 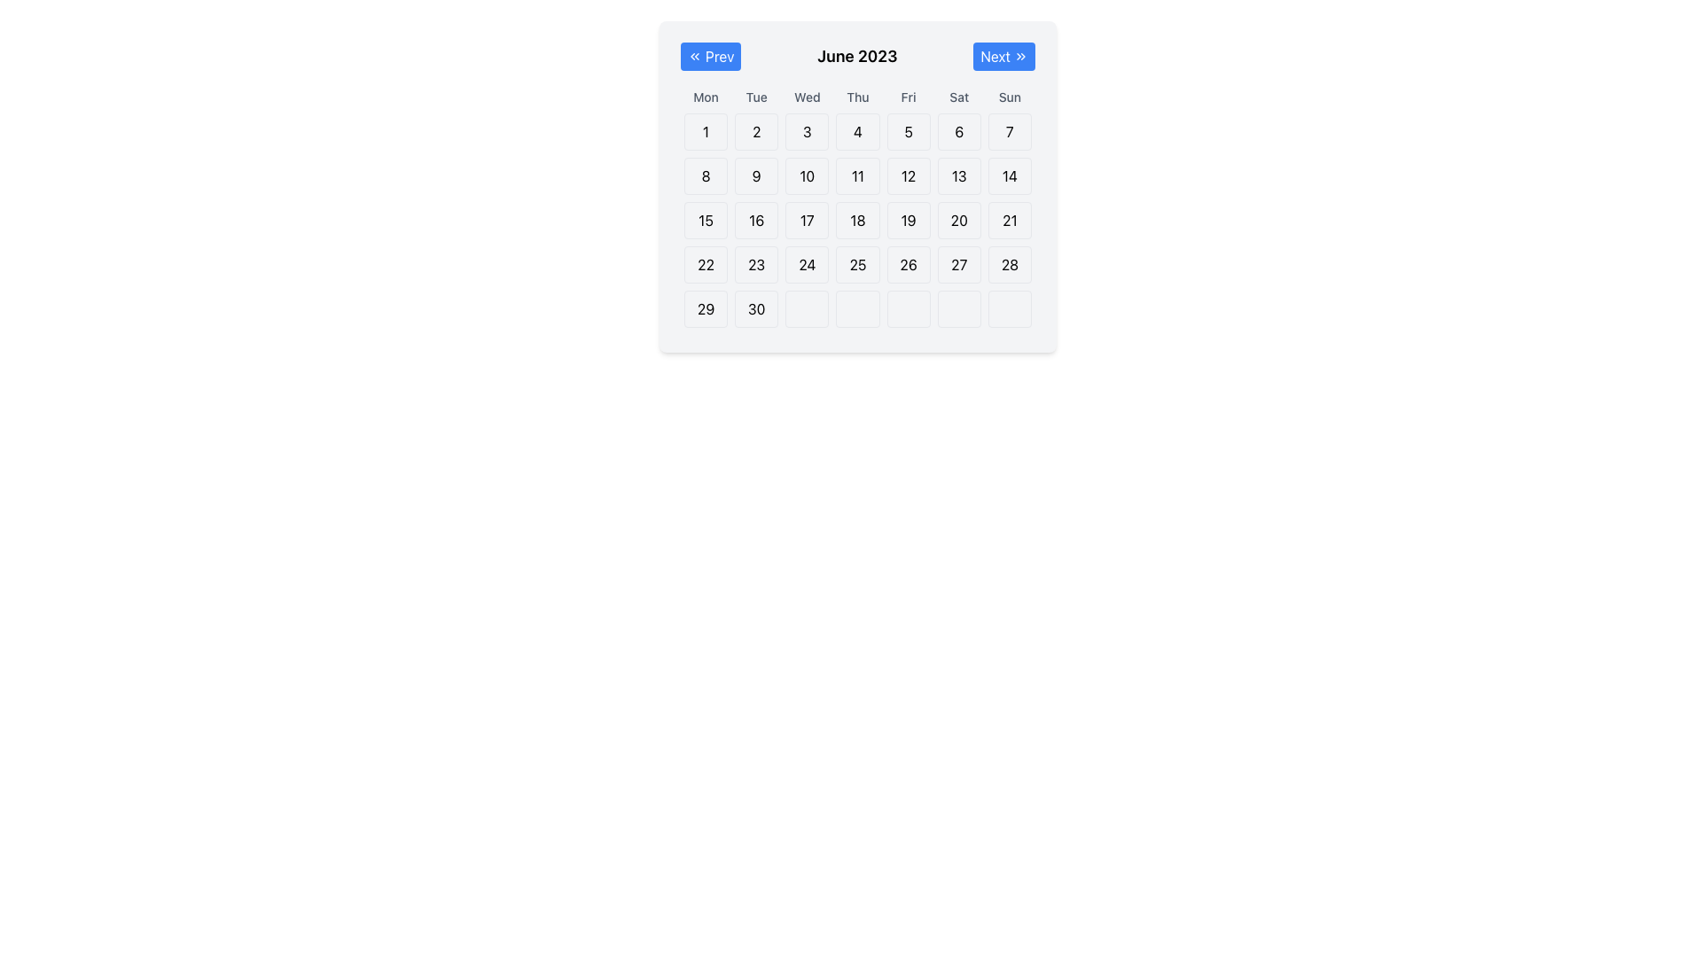 I want to click on the Calendar Day Button representing the date '23', so click(x=756, y=265).